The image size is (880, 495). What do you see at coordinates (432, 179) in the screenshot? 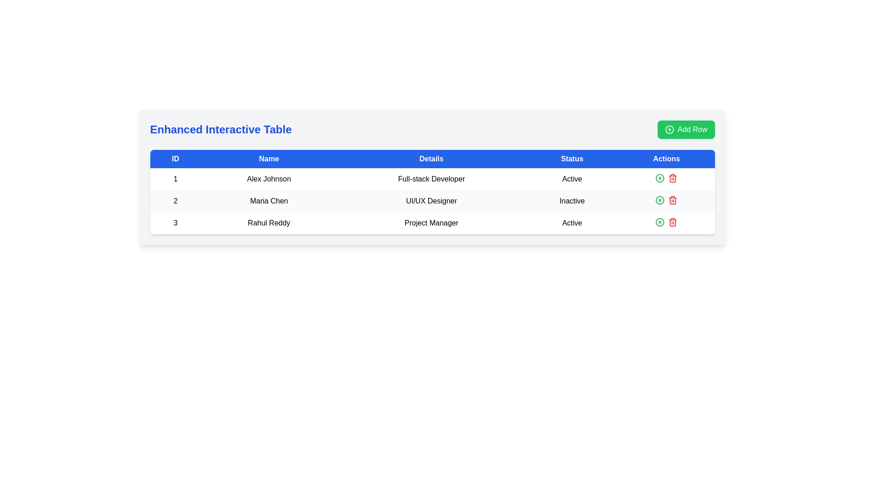
I see `the first row of the table displaying details about an individual, which contains ID, name, profession, status, and action icons` at bounding box center [432, 179].